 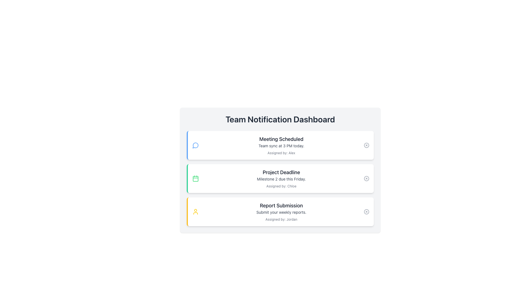 What do you see at coordinates (281, 186) in the screenshot?
I see `the non-interactive text element that presents information about the assignment personnel, located at the bottom of the 'Project Deadline' notification card` at bounding box center [281, 186].